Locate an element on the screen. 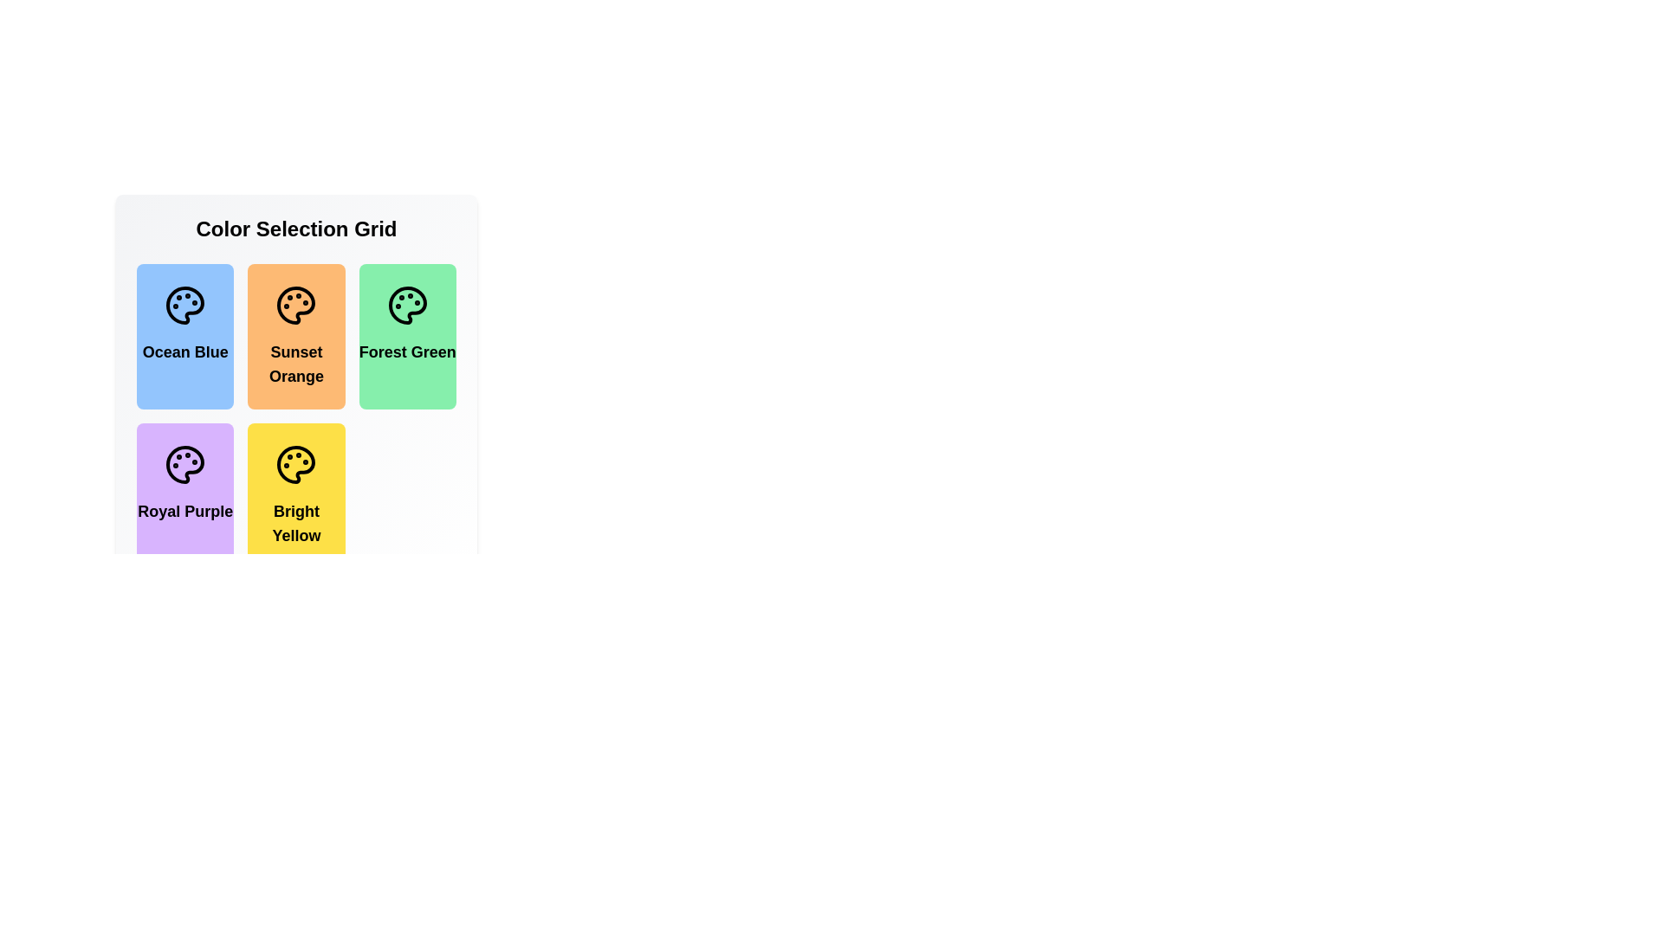 The height and width of the screenshot is (935, 1663). the color item Ocean Blue is located at coordinates (185, 337).